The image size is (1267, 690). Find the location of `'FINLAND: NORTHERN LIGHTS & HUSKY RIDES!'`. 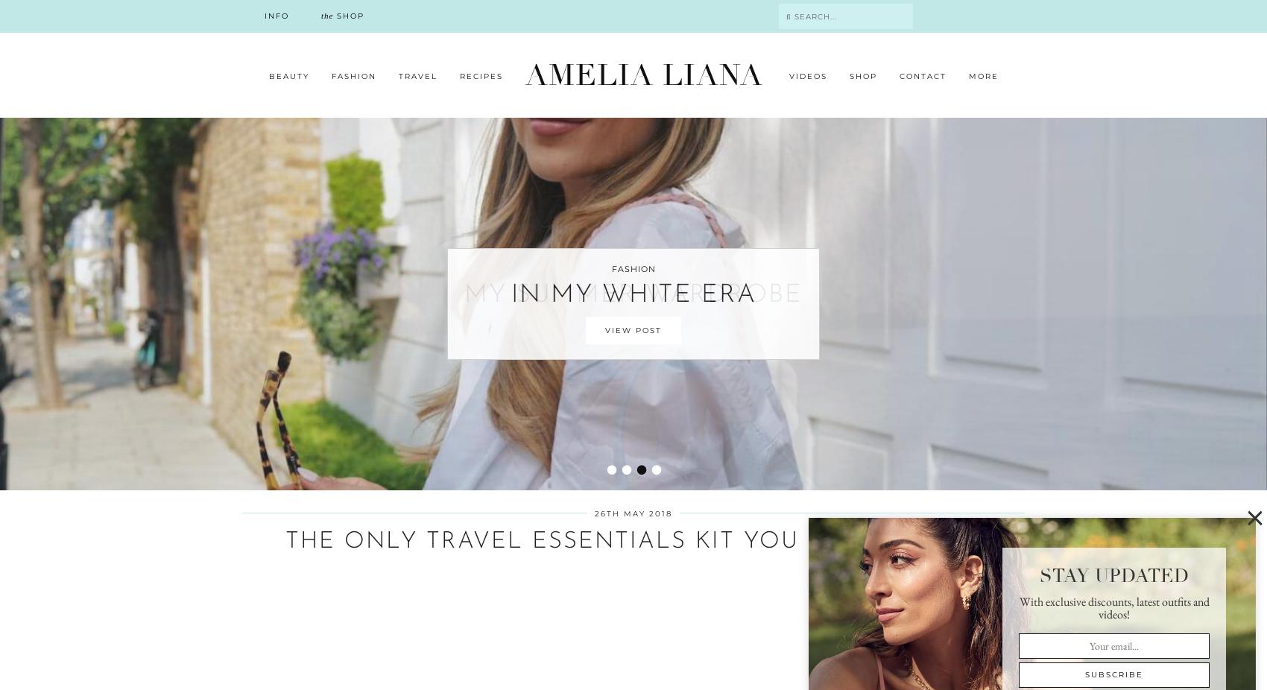

'FINLAND: NORTHERN LIGHTS & HUSKY RIDES!' is located at coordinates (894, 447).